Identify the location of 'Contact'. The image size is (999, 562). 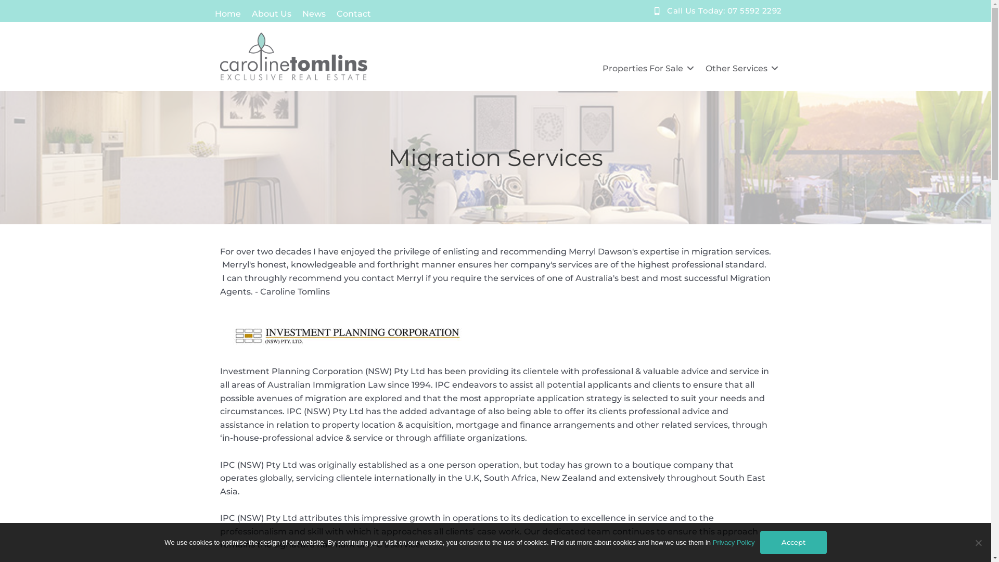
(353, 13).